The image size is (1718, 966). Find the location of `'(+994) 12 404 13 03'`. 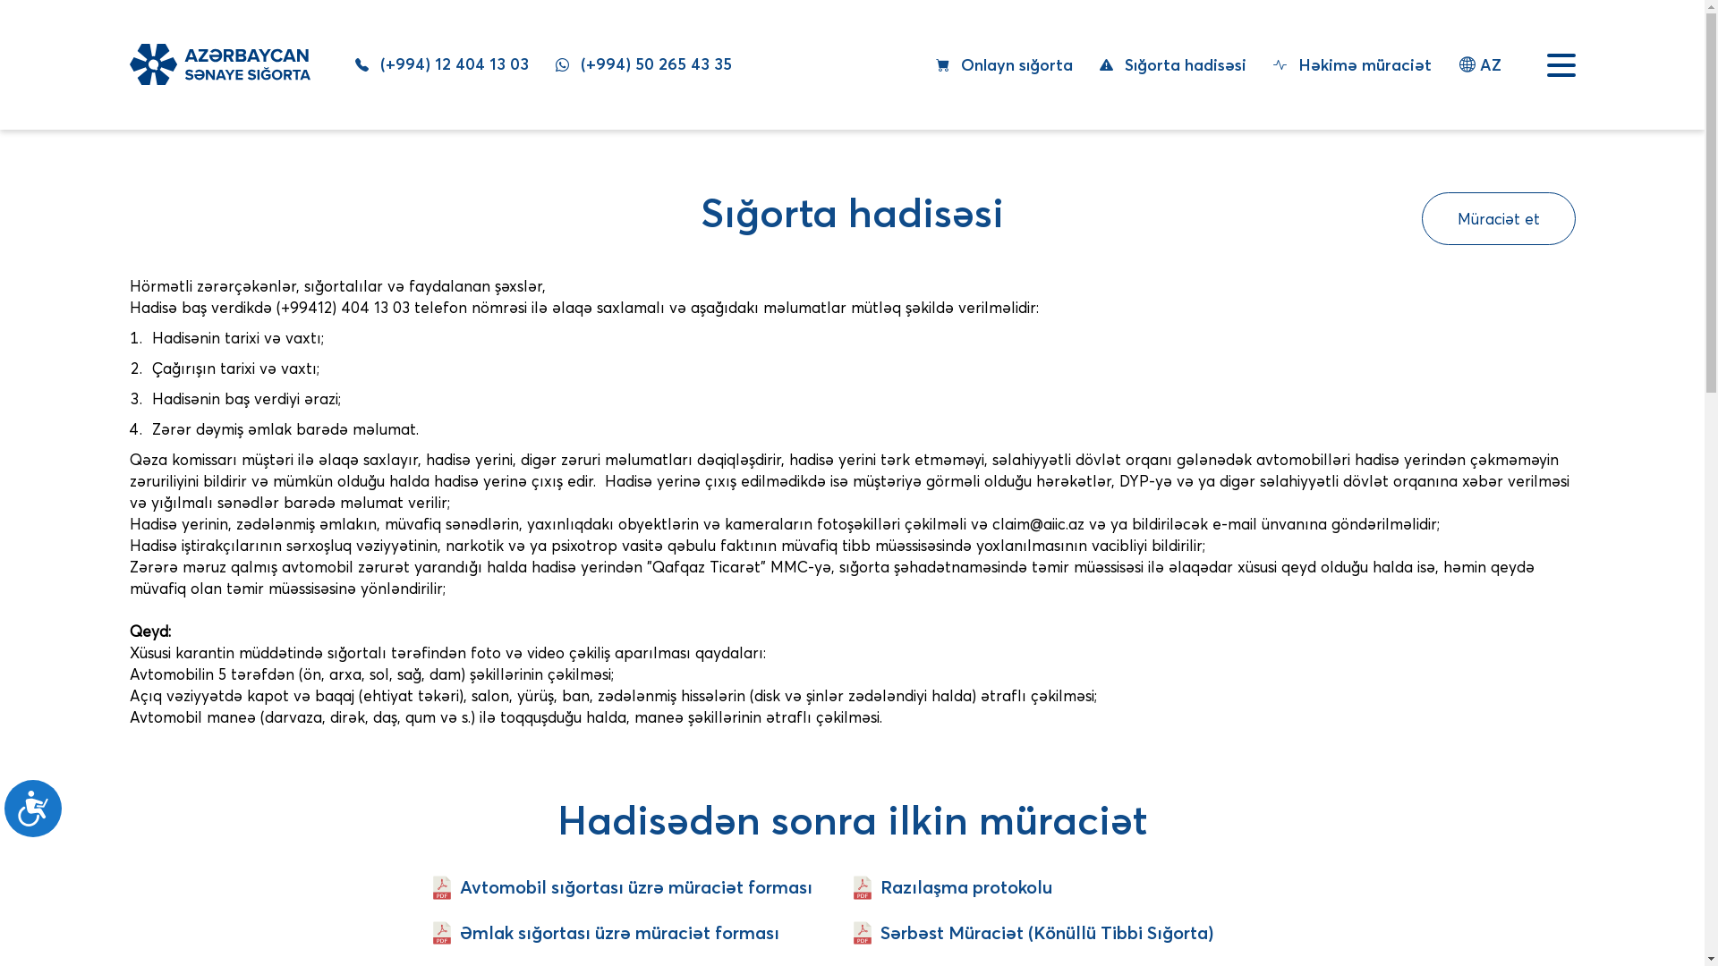

'(+994) 12 404 13 03' is located at coordinates (353, 64).